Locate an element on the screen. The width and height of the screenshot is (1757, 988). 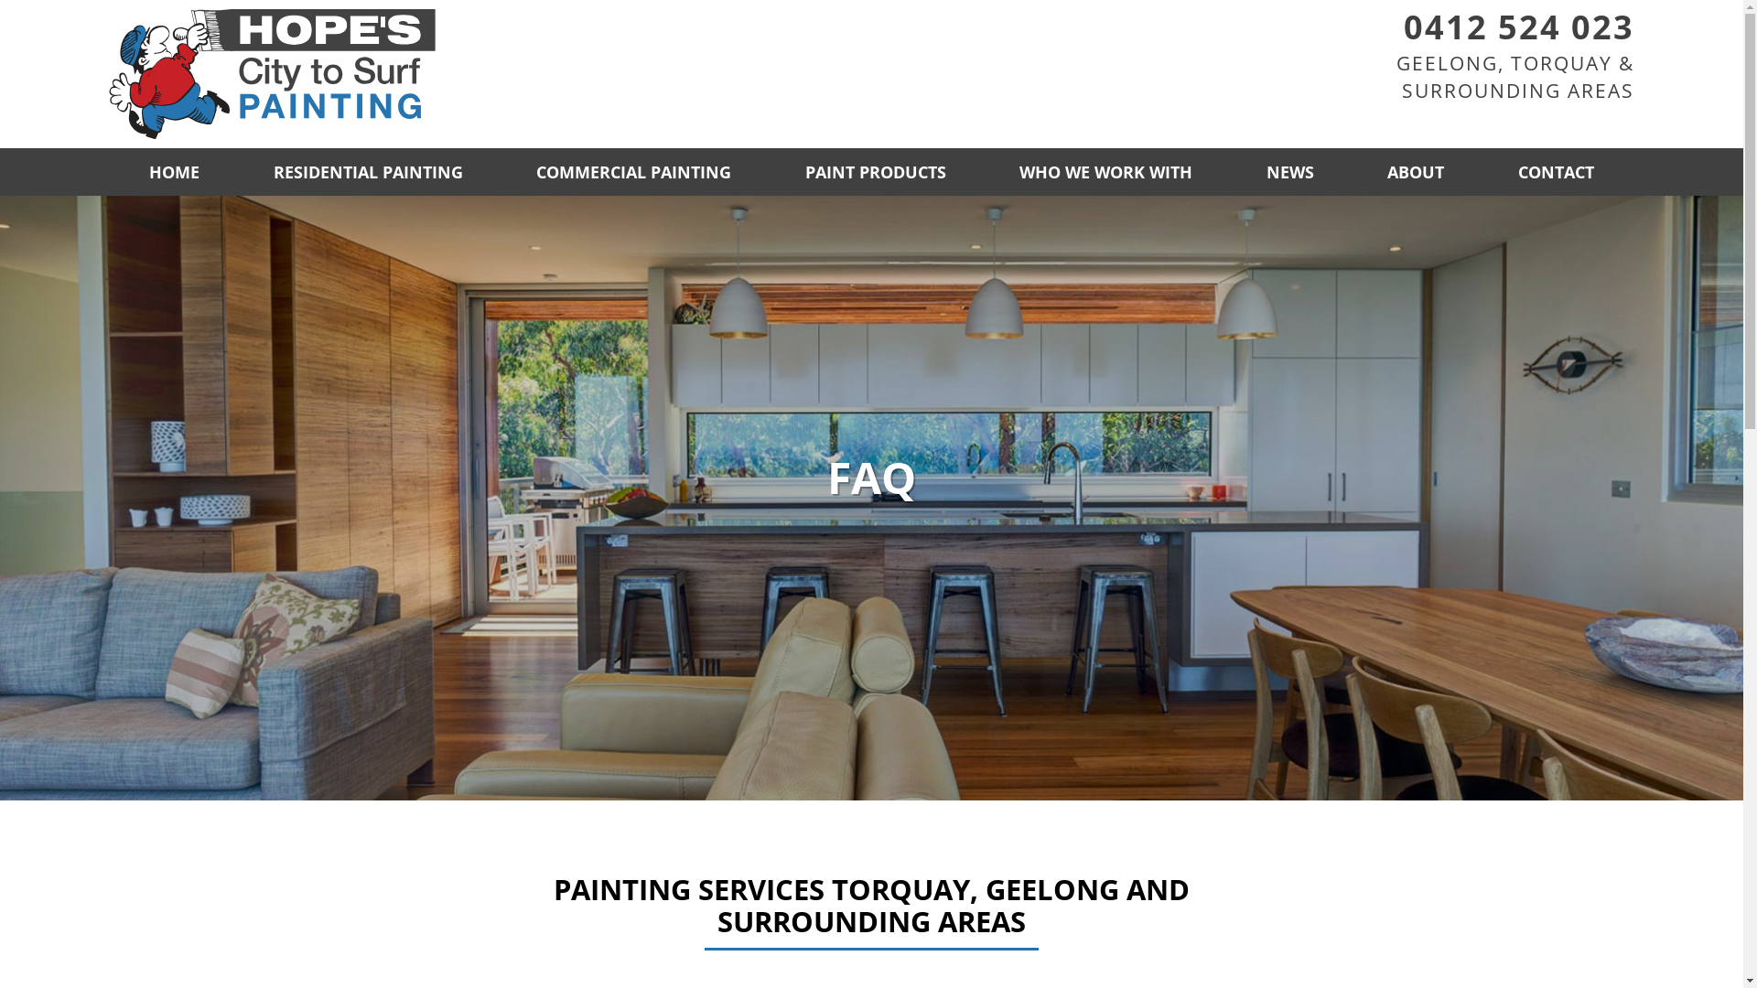
'CONTACT' is located at coordinates (1555, 172).